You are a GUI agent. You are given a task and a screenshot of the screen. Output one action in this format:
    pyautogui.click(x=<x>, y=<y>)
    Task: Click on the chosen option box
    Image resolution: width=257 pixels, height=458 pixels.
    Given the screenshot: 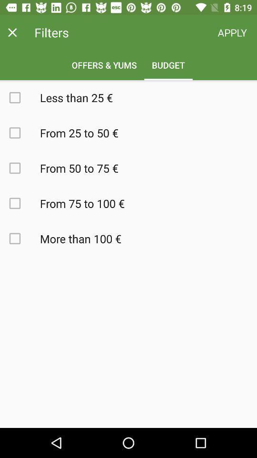 What is the action you would take?
    pyautogui.click(x=20, y=238)
    